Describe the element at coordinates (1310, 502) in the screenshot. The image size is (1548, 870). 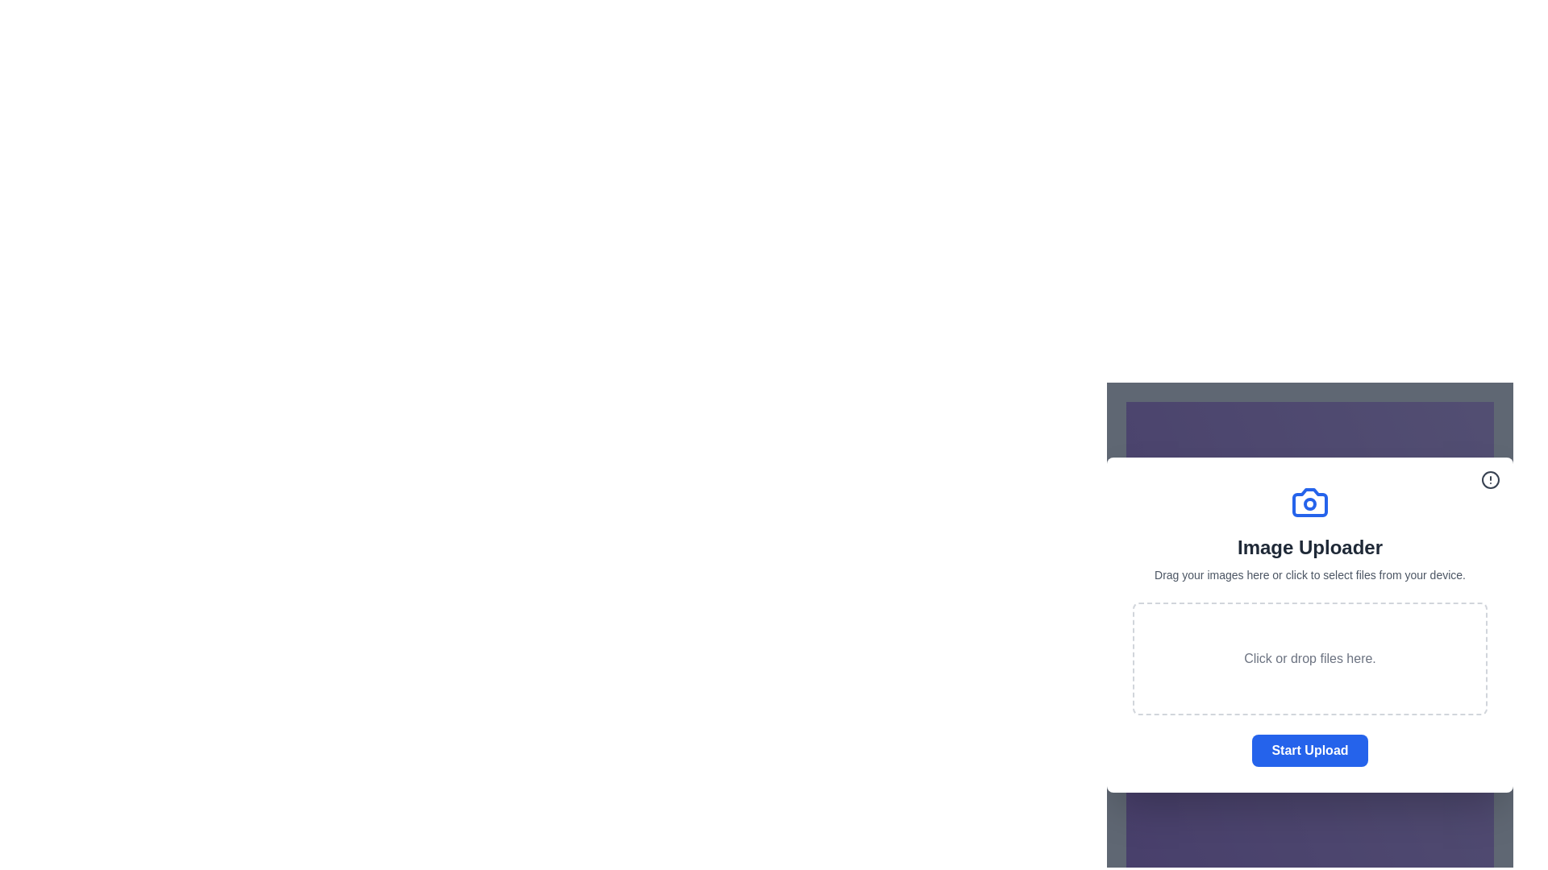
I see `the decorative camera icon located centrally within the image uploader UI section, above the label 'Image Uploader.'` at that location.